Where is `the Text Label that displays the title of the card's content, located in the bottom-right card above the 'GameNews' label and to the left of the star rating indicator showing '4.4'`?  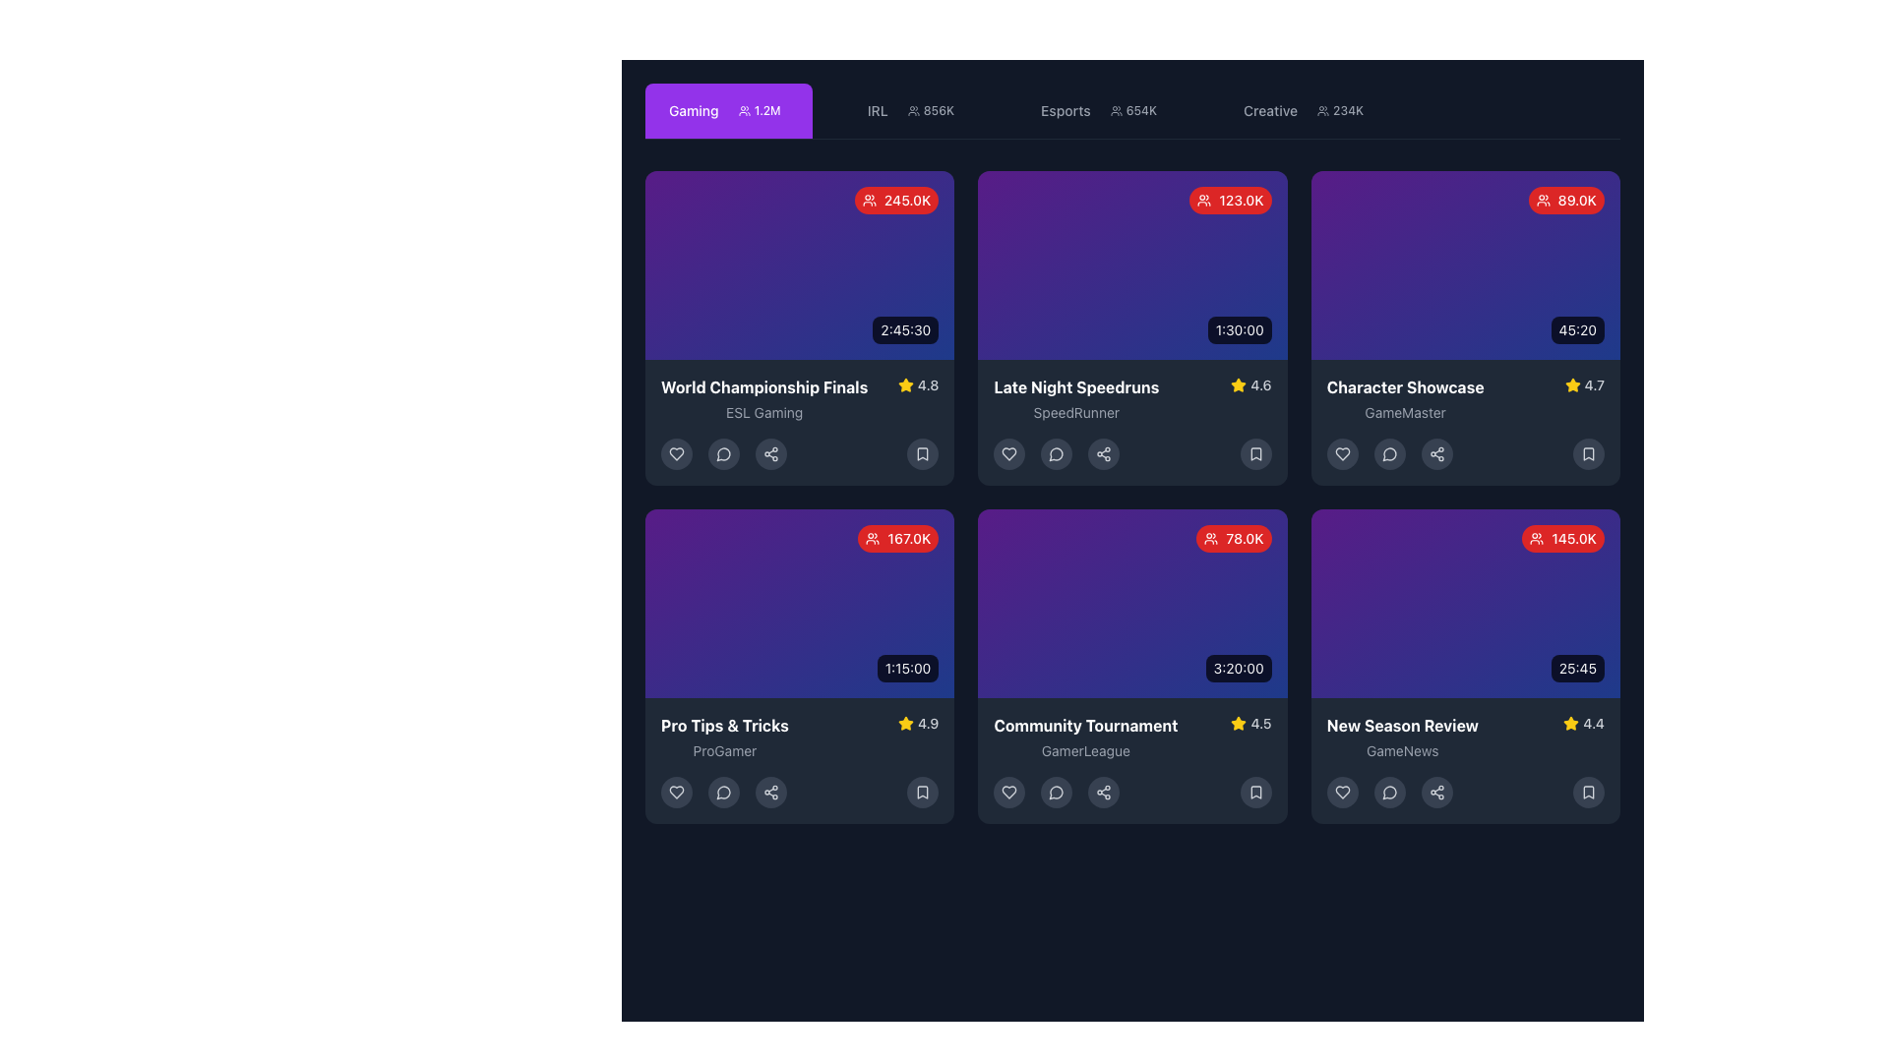 the Text Label that displays the title of the card's content, located in the bottom-right card above the 'GameNews' label and to the left of the star rating indicator showing '4.4' is located at coordinates (1401, 725).